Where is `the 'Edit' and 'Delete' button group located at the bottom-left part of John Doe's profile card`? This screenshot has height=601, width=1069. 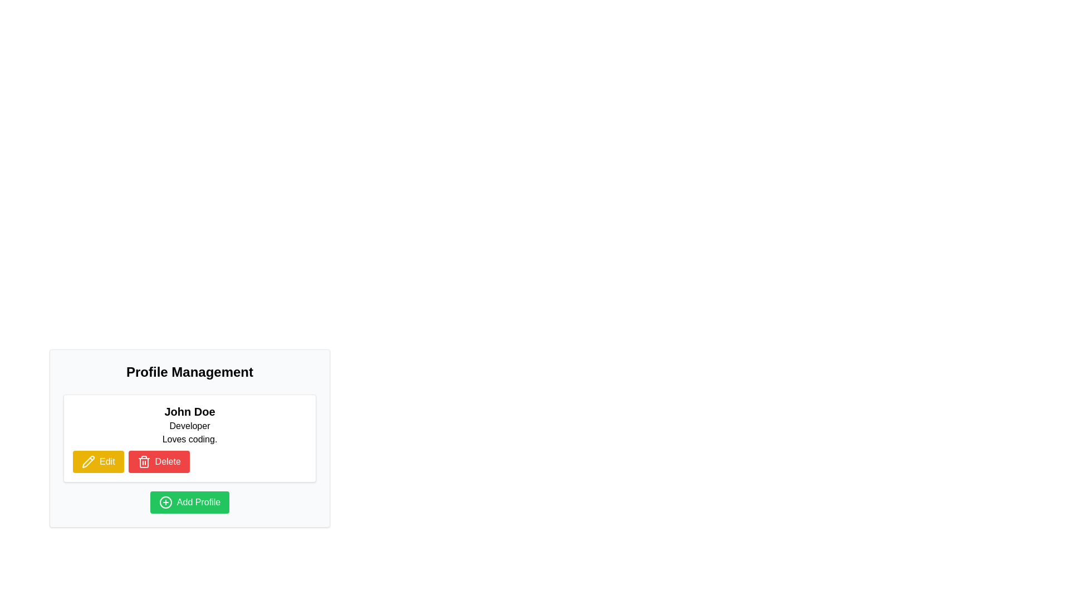 the 'Edit' and 'Delete' button group located at the bottom-left part of John Doe's profile card is located at coordinates (189, 461).